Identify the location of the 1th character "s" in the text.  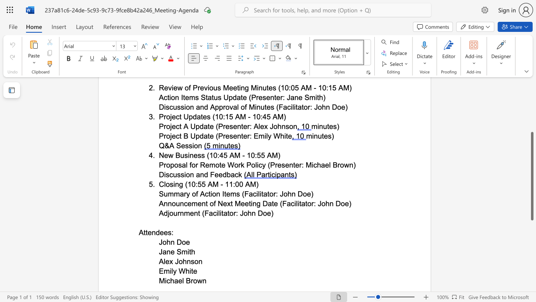
(192, 261).